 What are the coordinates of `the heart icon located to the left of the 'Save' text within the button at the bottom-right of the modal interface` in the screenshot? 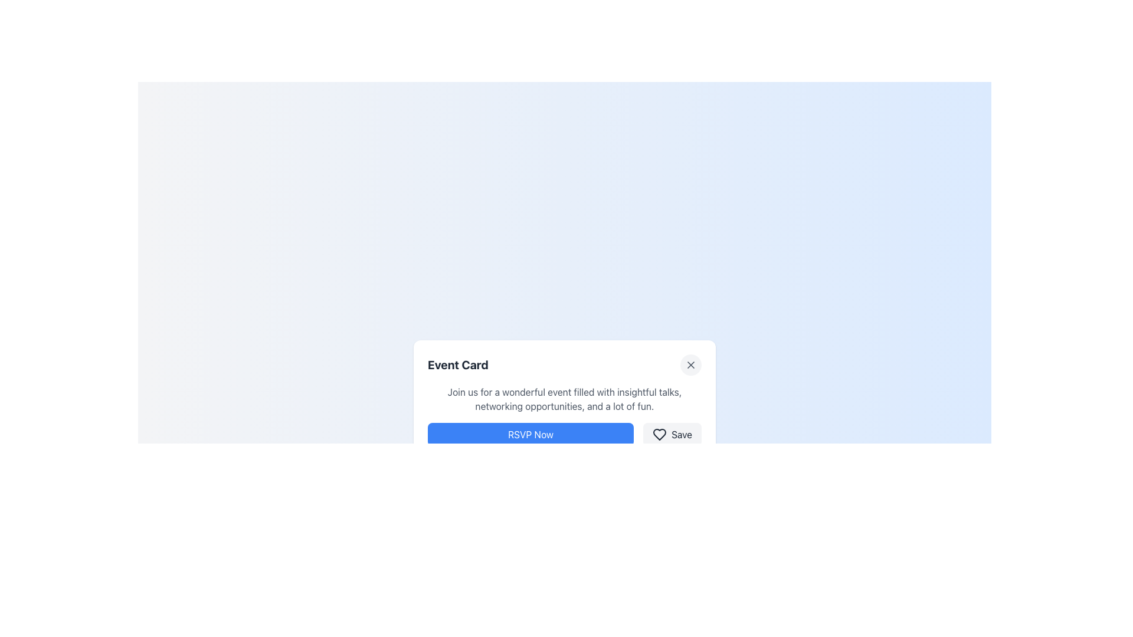 It's located at (659, 434).